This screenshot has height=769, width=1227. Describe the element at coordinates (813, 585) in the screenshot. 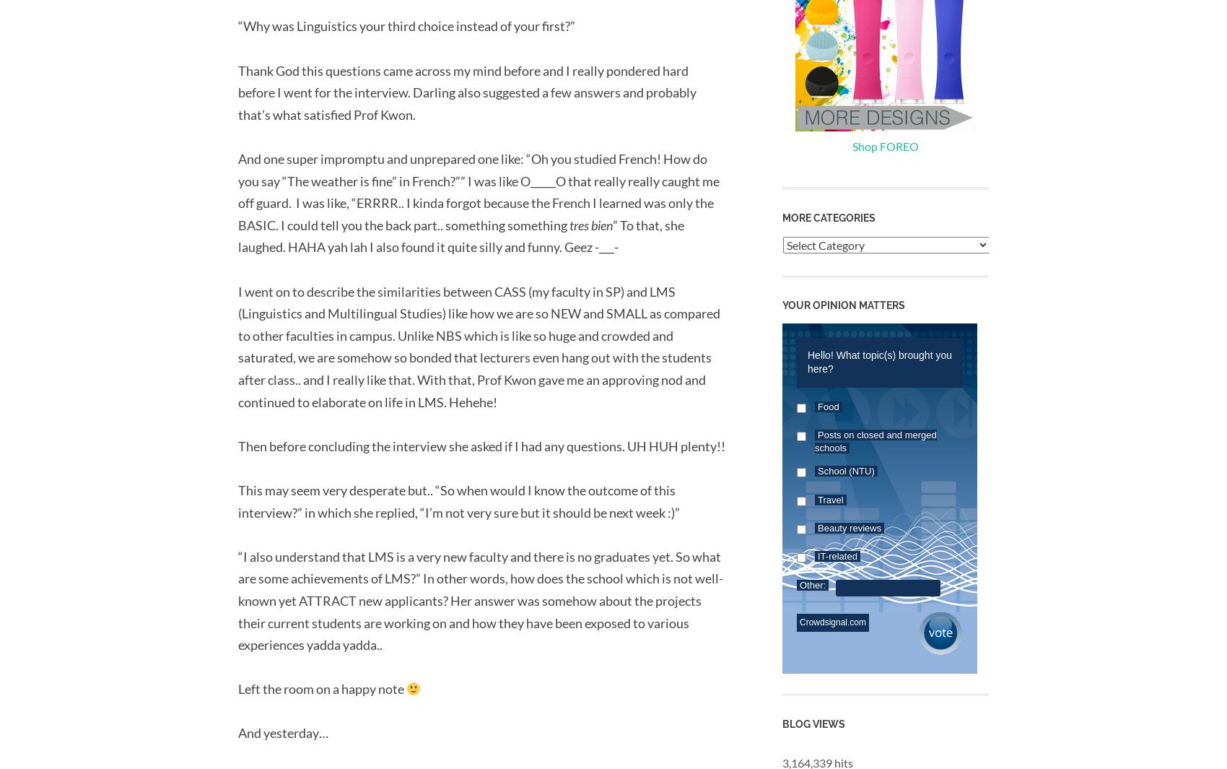

I see `'Other:'` at that location.